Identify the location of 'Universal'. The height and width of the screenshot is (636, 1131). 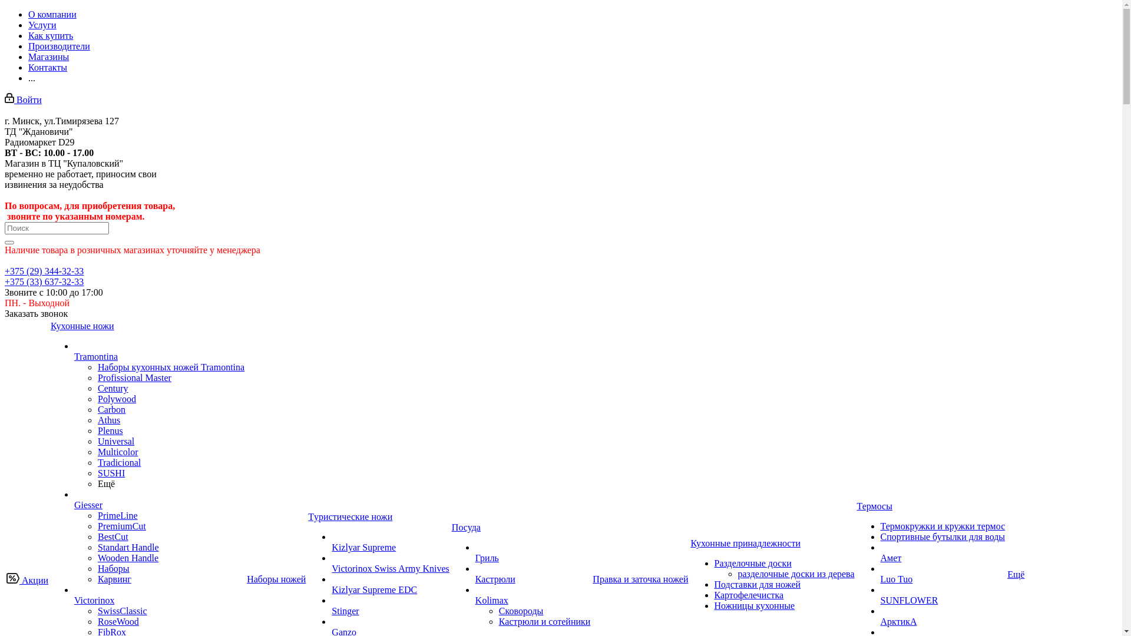
(98, 441).